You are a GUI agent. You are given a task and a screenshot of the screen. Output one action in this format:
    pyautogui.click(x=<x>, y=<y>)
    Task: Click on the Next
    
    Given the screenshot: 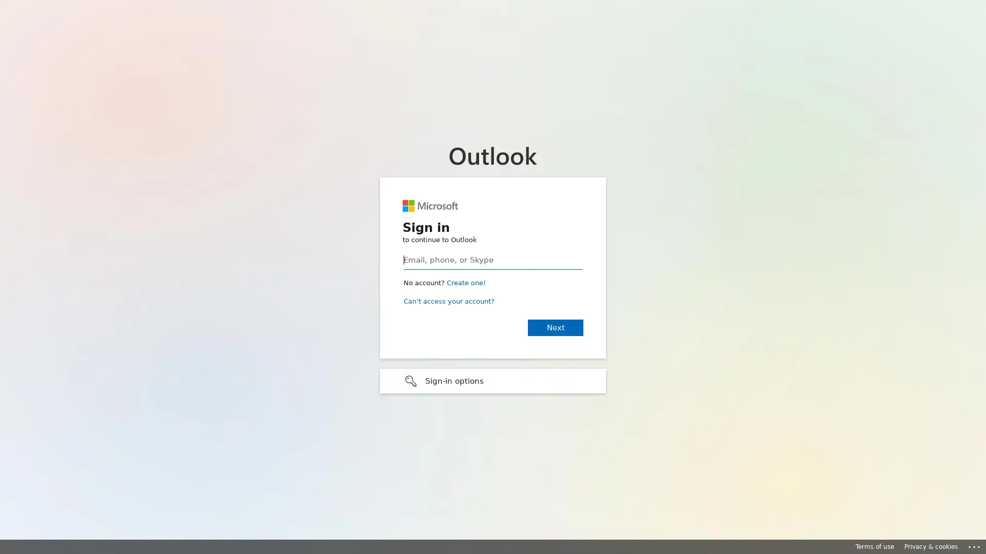 What is the action you would take?
    pyautogui.click(x=555, y=327)
    